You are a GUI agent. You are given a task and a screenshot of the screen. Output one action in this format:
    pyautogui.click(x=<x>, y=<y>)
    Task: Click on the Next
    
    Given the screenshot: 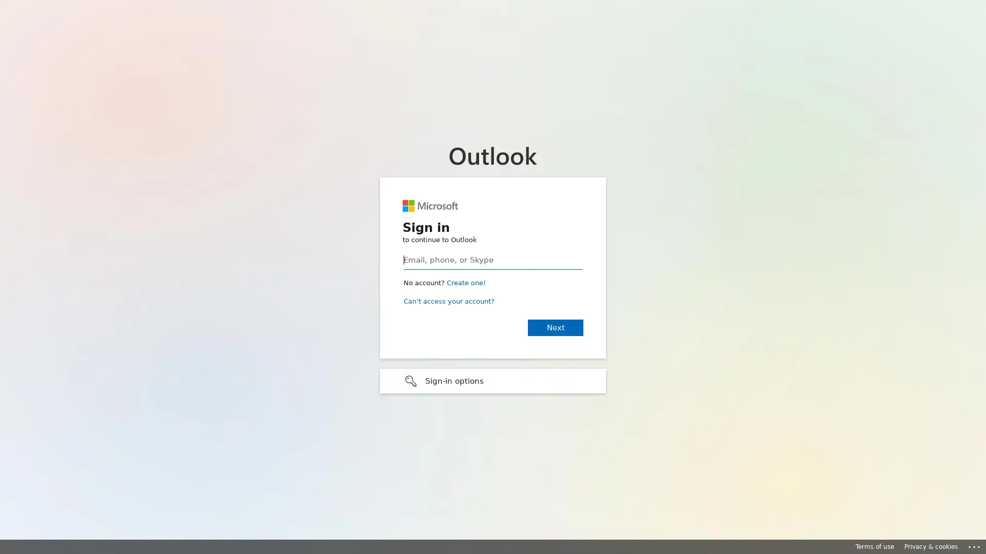 What is the action you would take?
    pyautogui.click(x=555, y=327)
    